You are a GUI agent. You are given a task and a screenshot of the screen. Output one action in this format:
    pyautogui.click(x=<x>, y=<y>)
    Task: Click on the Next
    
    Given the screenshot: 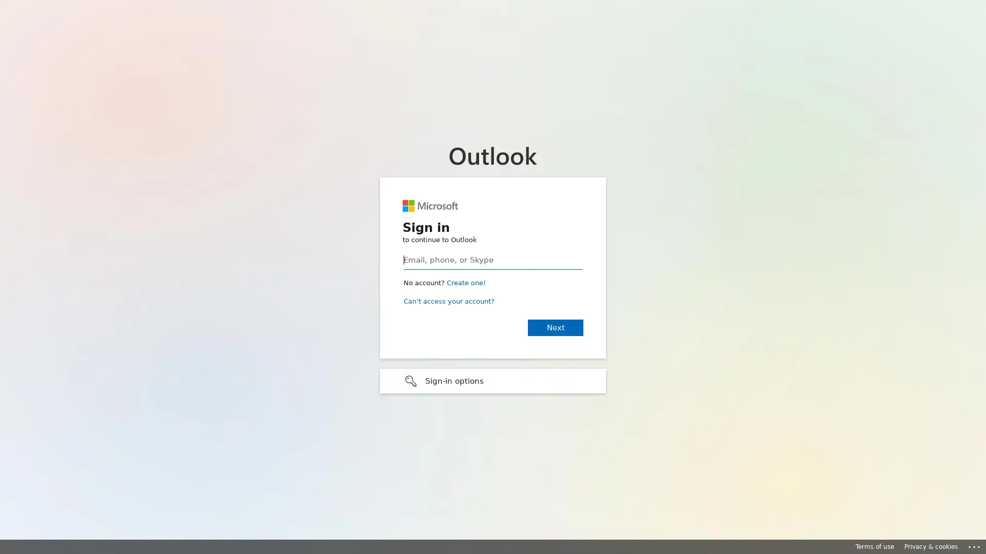 What is the action you would take?
    pyautogui.click(x=555, y=327)
    